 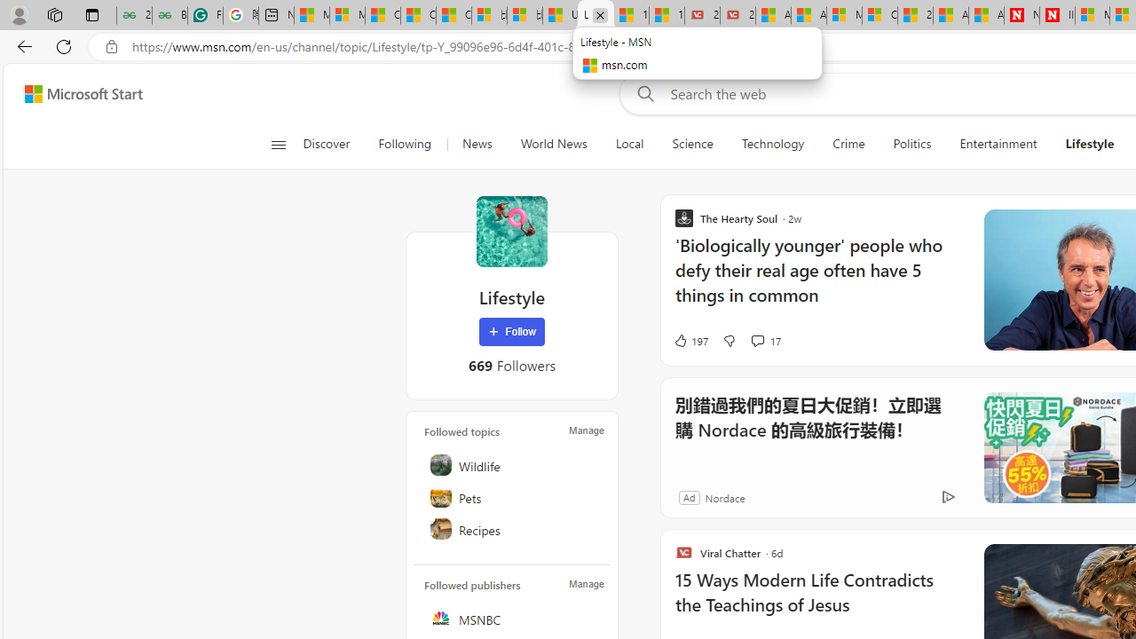 I want to click on 'Local', so click(x=629, y=144).